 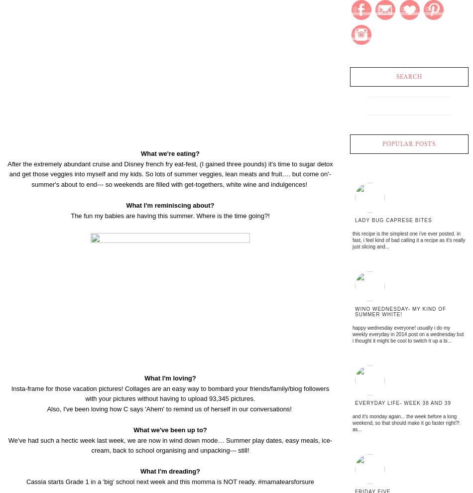 What do you see at coordinates (400, 311) in the screenshot?
I see `'Wino Wednesday- My kind of summer white!'` at bounding box center [400, 311].